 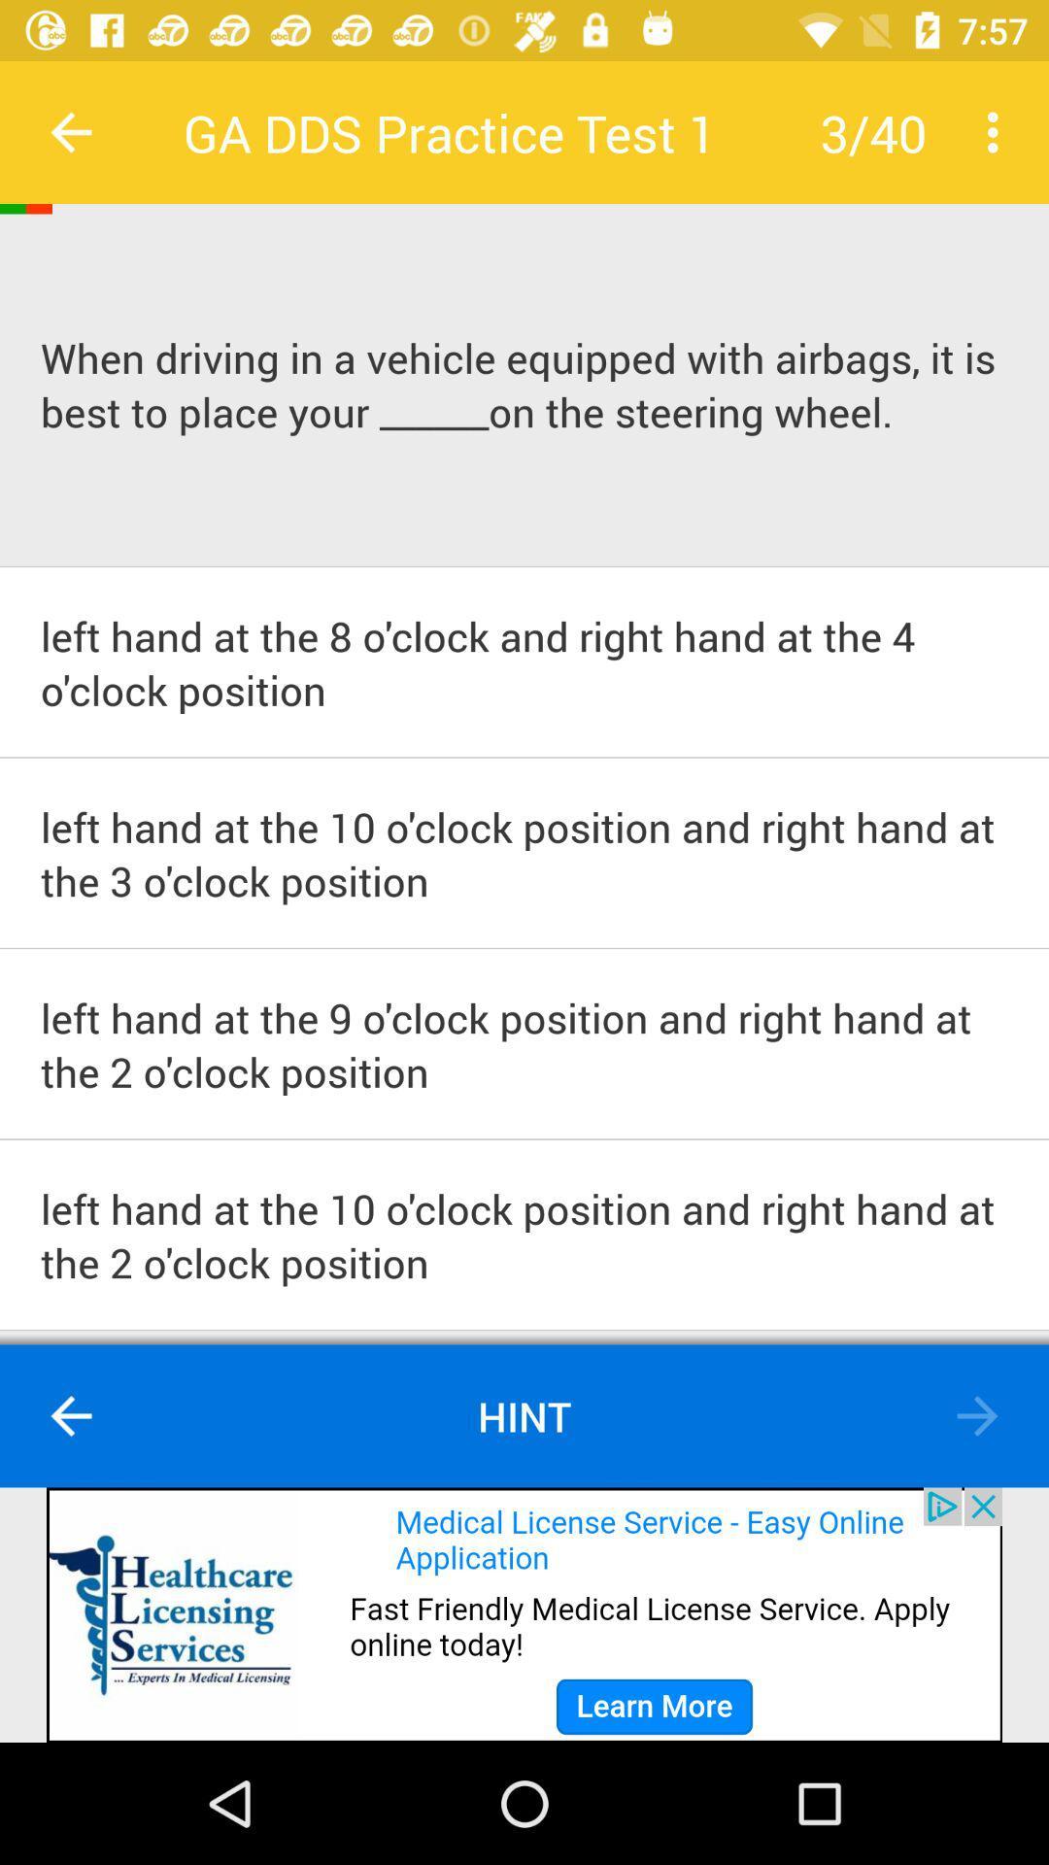 What do you see at coordinates (977, 1416) in the screenshot?
I see `the arrow_forward icon` at bounding box center [977, 1416].